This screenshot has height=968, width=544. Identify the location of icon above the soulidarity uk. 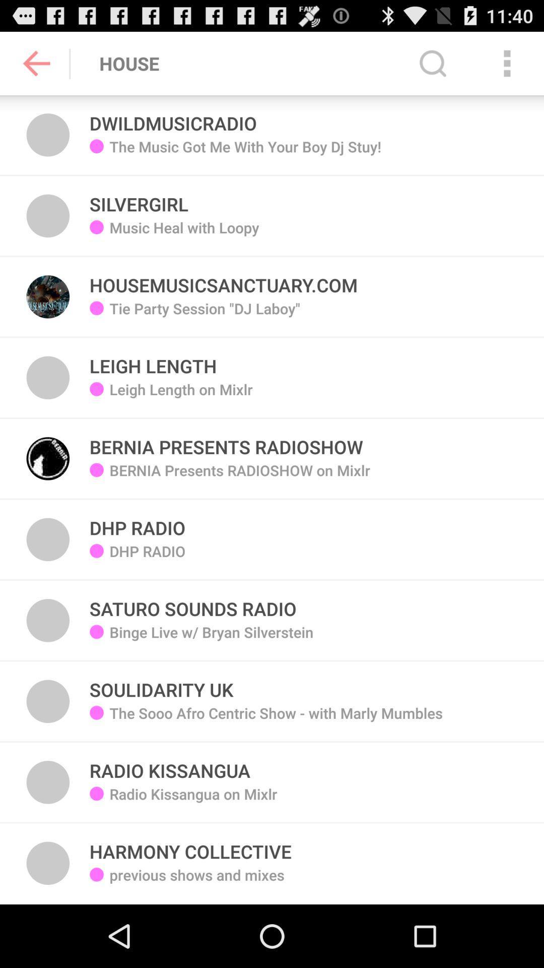
(211, 639).